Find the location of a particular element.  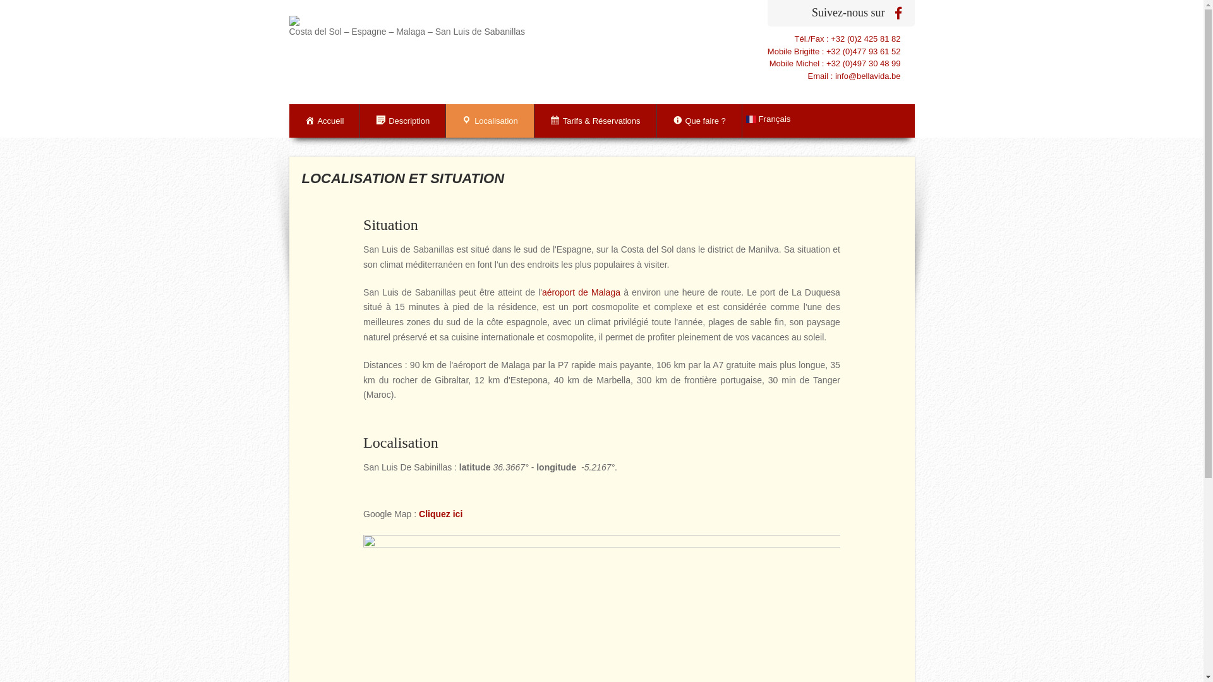

'Cliquez ici' is located at coordinates (440, 513).